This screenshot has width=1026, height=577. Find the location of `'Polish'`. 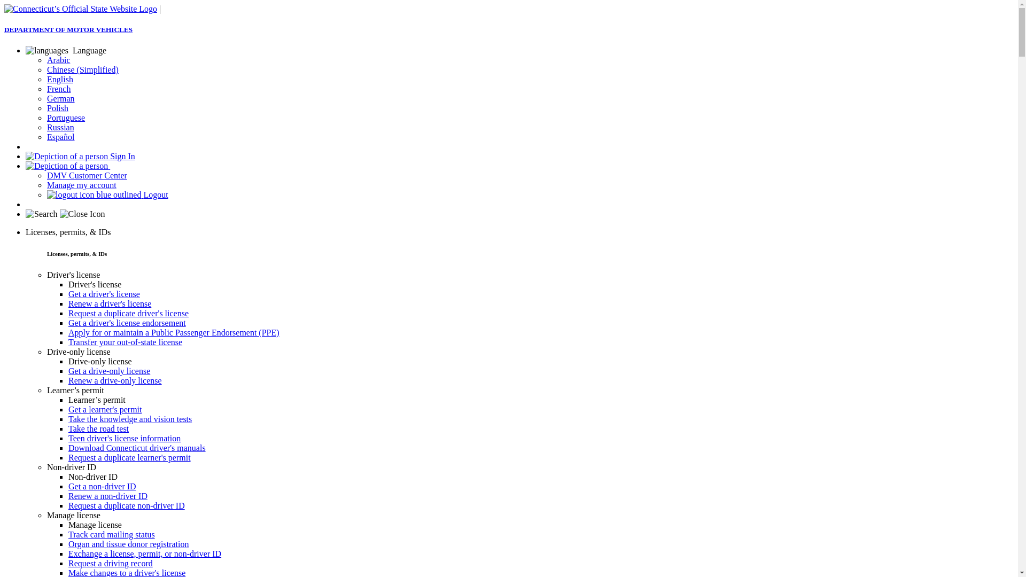

'Polish' is located at coordinates (57, 108).